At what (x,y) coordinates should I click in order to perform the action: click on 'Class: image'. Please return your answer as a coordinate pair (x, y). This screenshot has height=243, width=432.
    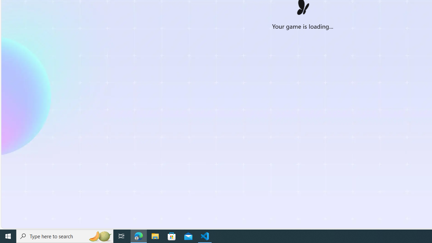
    Looking at the image, I should click on (302, 9).